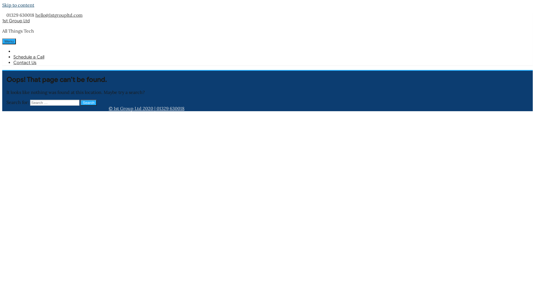 The width and height of the screenshot is (535, 301). I want to click on 'Contact Us', so click(25, 62).